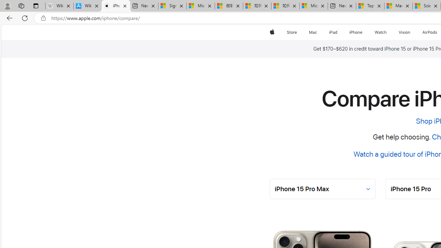  Describe the element at coordinates (291, 32) in the screenshot. I see `'Store'` at that location.